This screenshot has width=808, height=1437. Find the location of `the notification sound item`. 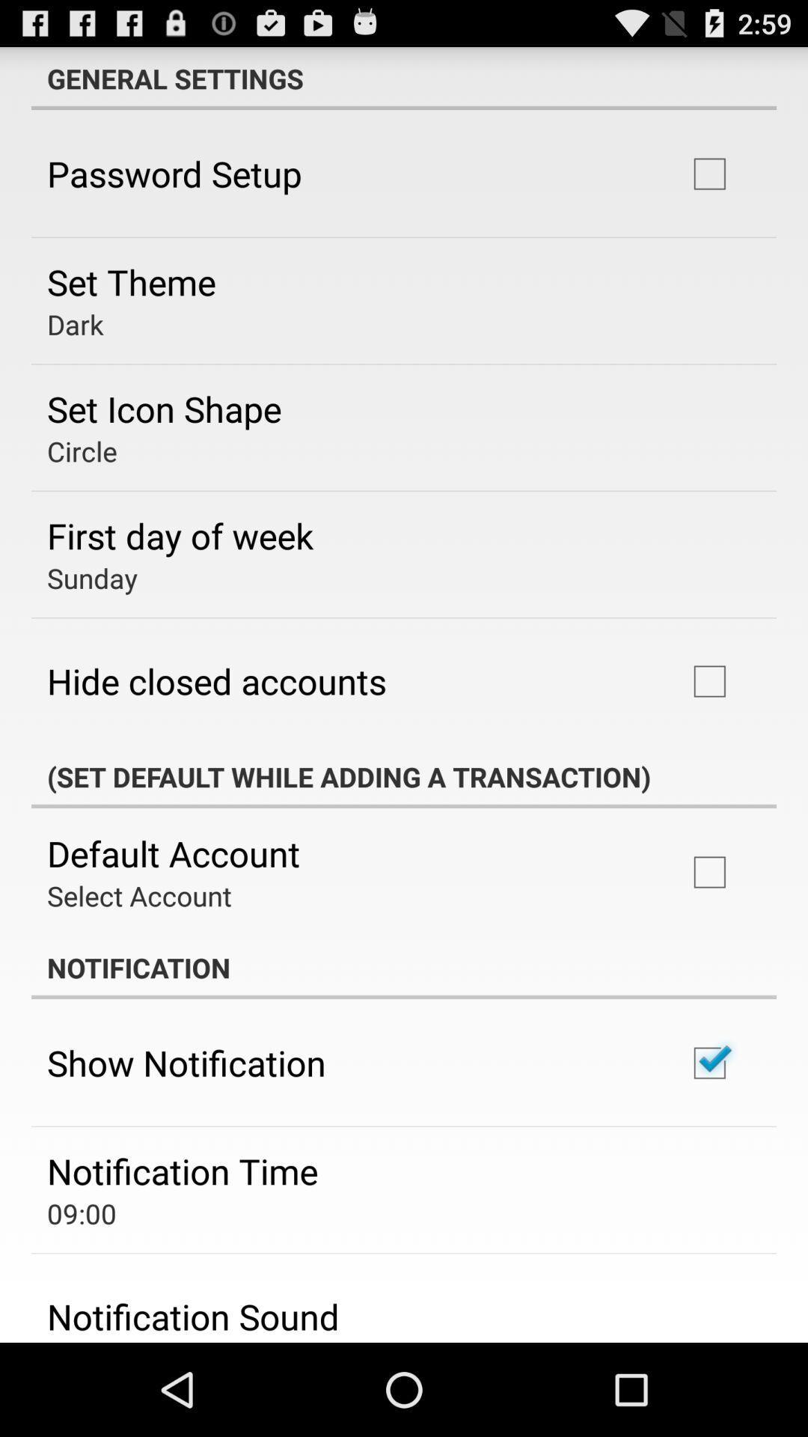

the notification sound item is located at coordinates (192, 1316).